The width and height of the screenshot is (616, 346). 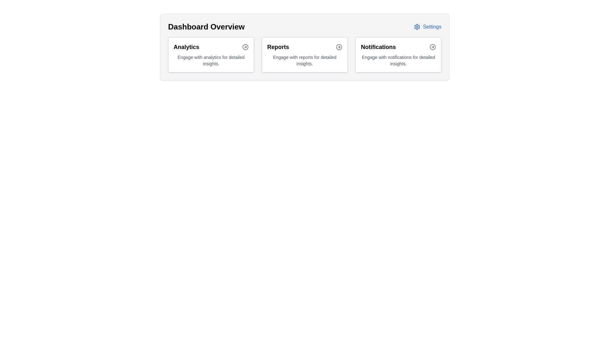 I want to click on the title text indicating 'Reports' located in the middle card of a horizontal row of three cards, so click(x=278, y=46).